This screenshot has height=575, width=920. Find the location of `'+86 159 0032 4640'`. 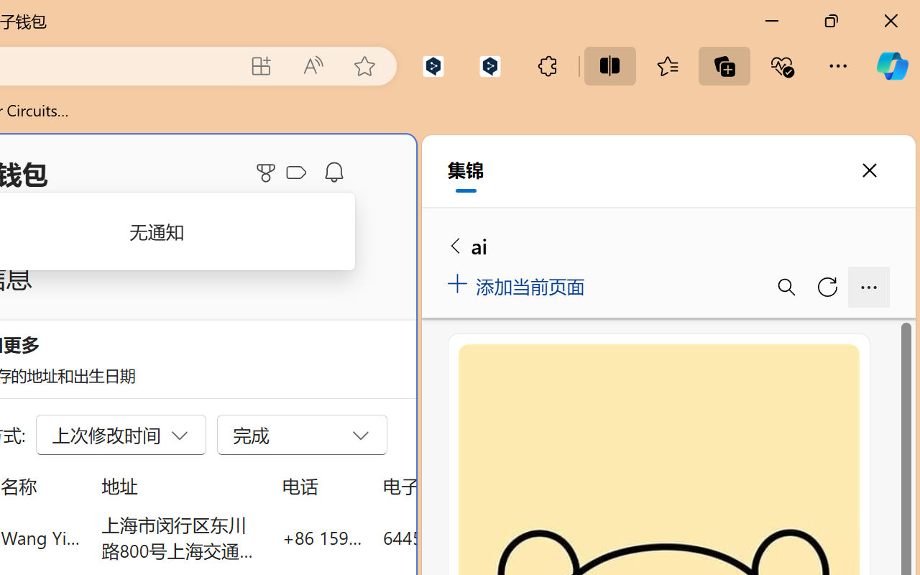

'+86 159 0032 4640' is located at coordinates (321, 537).